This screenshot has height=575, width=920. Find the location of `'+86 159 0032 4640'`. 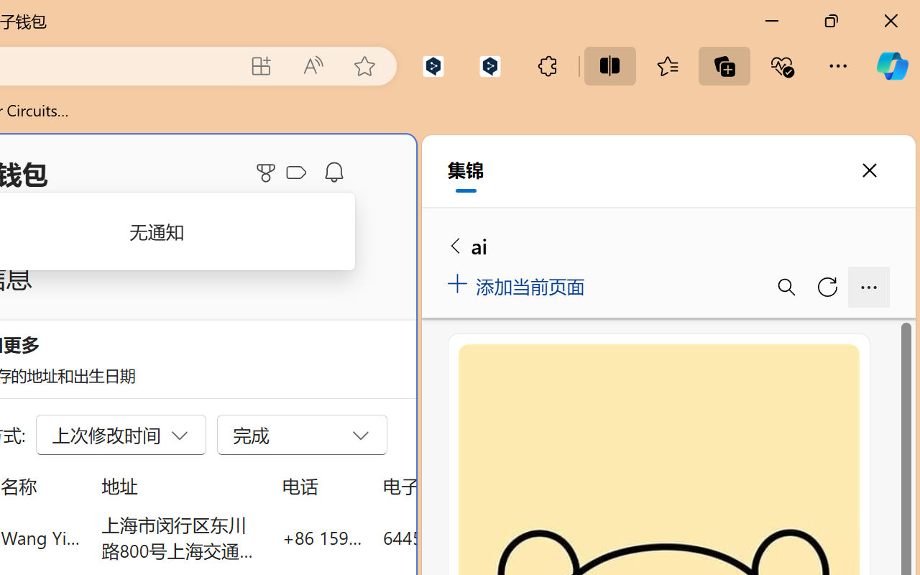

'+86 159 0032 4640' is located at coordinates (321, 537).